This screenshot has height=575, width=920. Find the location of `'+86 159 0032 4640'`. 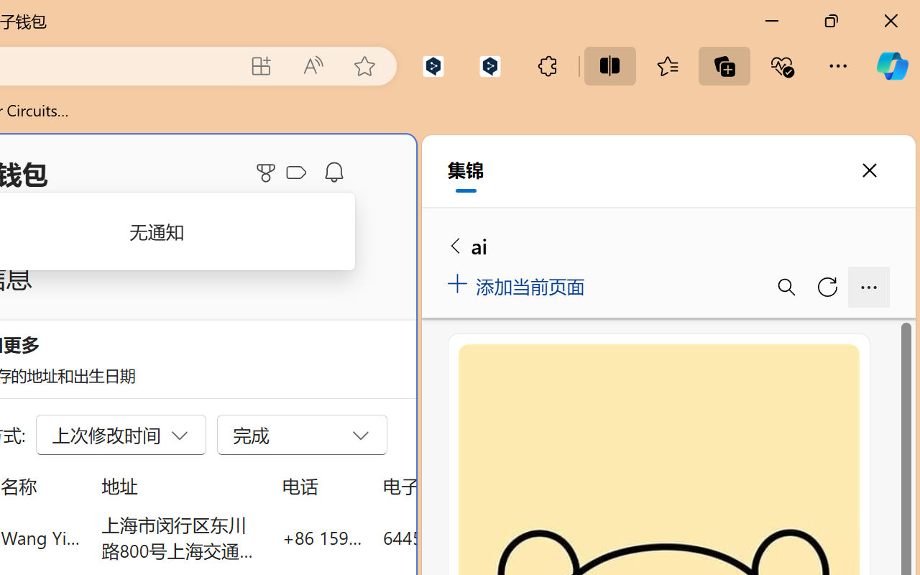

'+86 159 0032 4640' is located at coordinates (321, 537).